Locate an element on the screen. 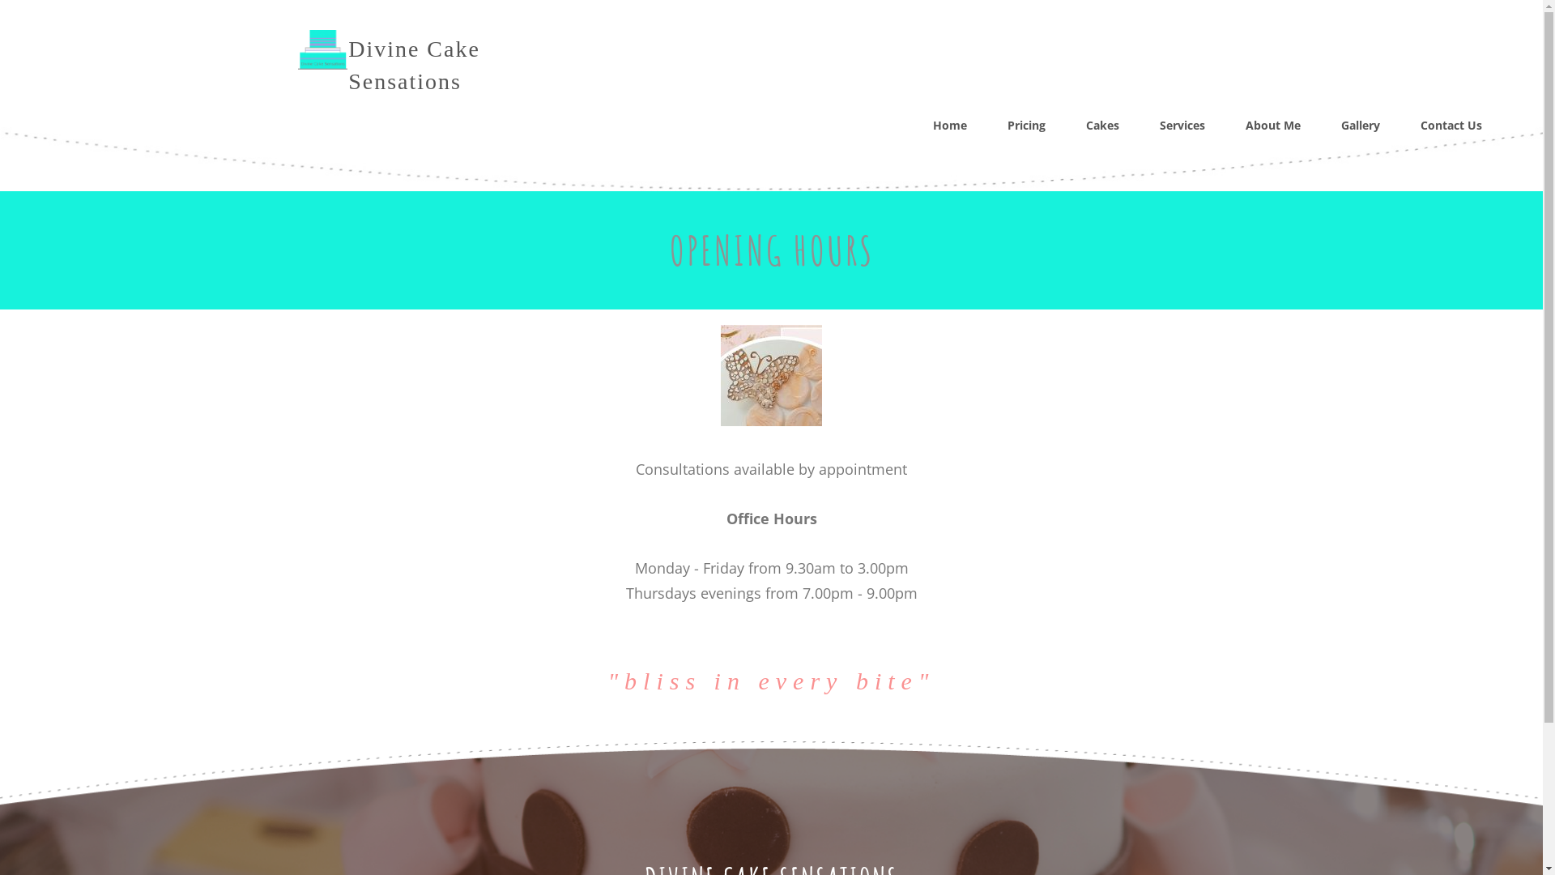 This screenshot has height=875, width=1555. 'Gallery' is located at coordinates (1361, 124).